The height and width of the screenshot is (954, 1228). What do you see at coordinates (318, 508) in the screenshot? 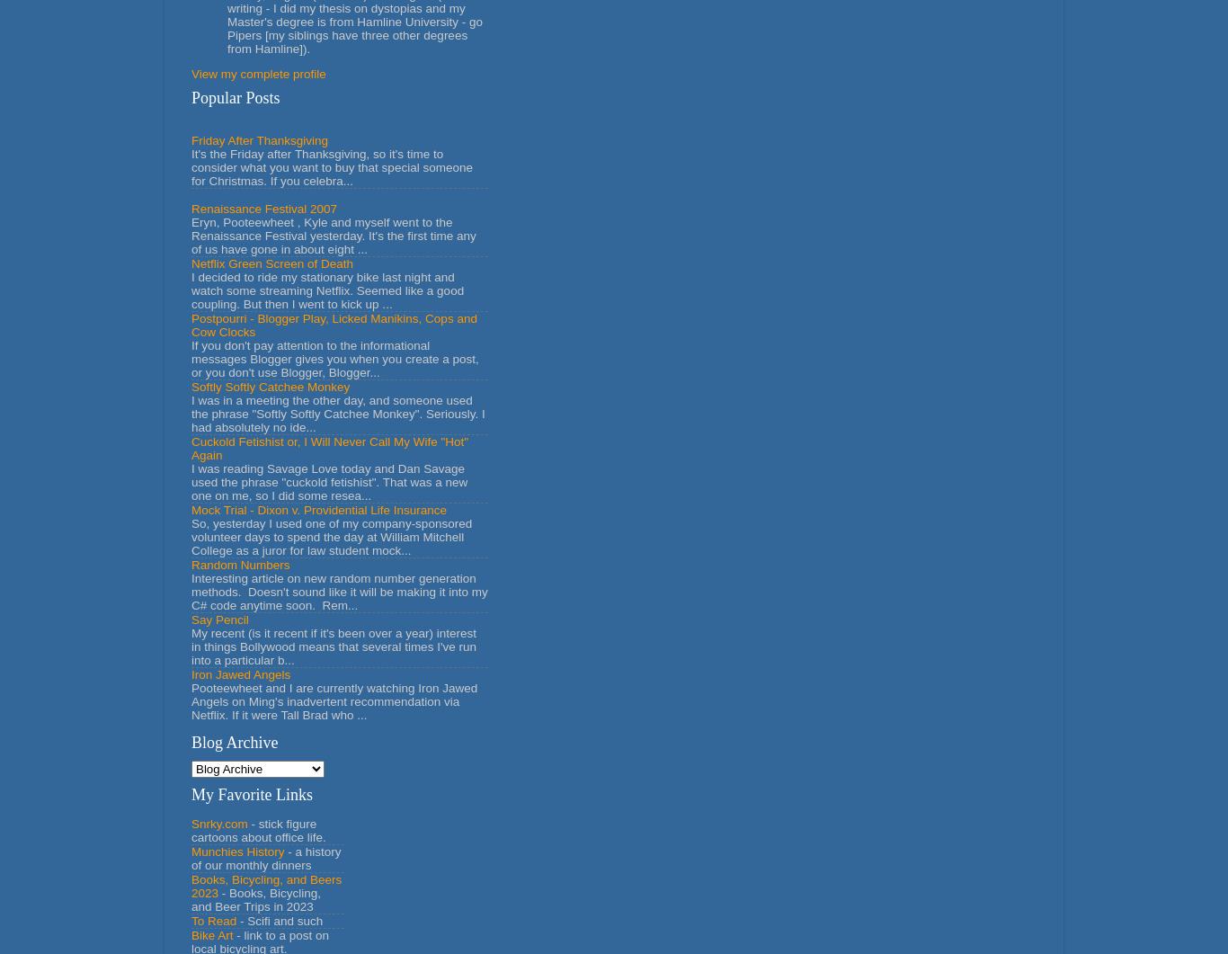
I see `'Mock Trial - Dixon v. Providential Life Insurance'` at bounding box center [318, 508].